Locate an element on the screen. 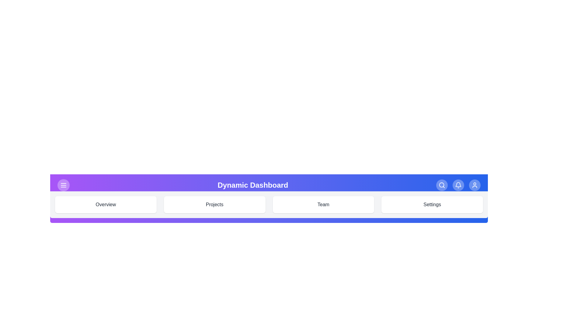 The height and width of the screenshot is (328, 584). the search button is located at coordinates (442, 185).